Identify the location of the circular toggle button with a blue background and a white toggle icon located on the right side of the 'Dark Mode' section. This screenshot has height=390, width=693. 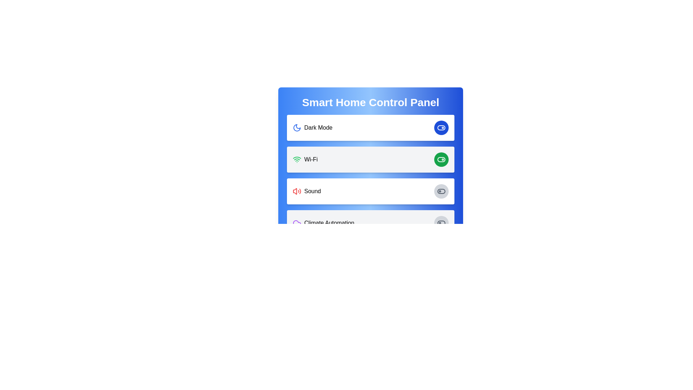
(441, 127).